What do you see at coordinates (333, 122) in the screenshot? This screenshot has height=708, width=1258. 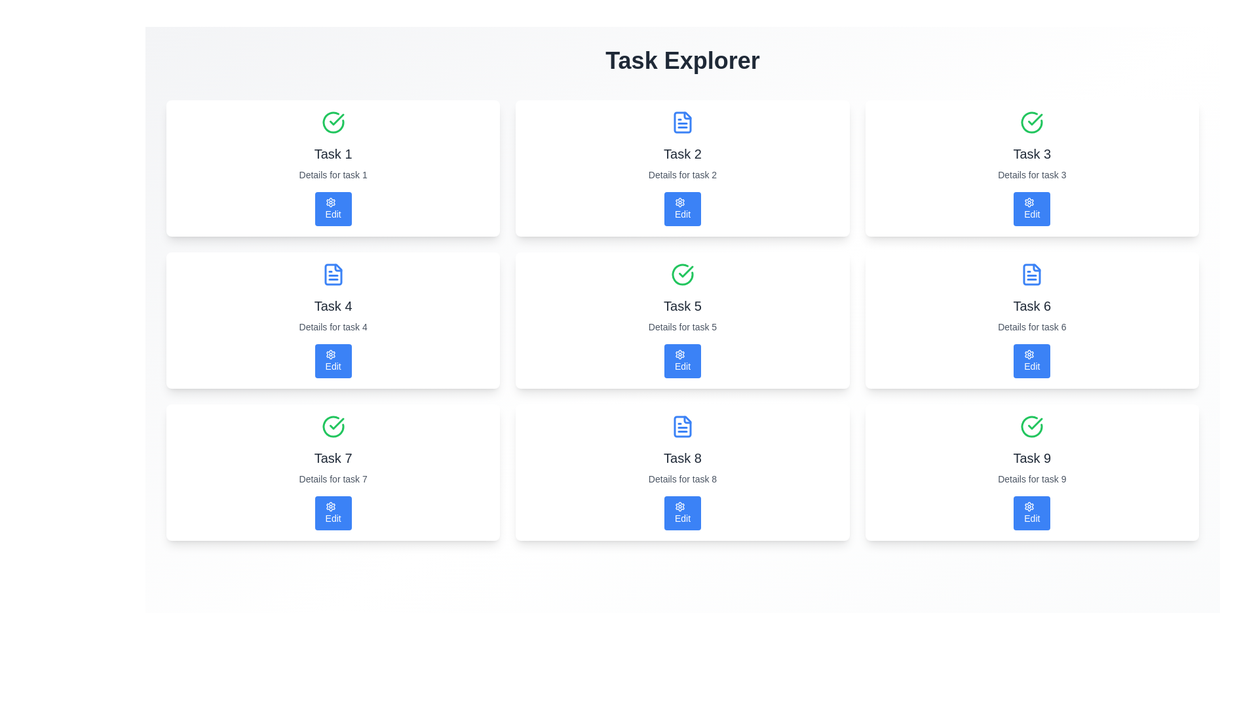 I see `the green circular checkmark icon located in the top-left card of the grid layout, which symbolizes confirmation or success` at bounding box center [333, 122].